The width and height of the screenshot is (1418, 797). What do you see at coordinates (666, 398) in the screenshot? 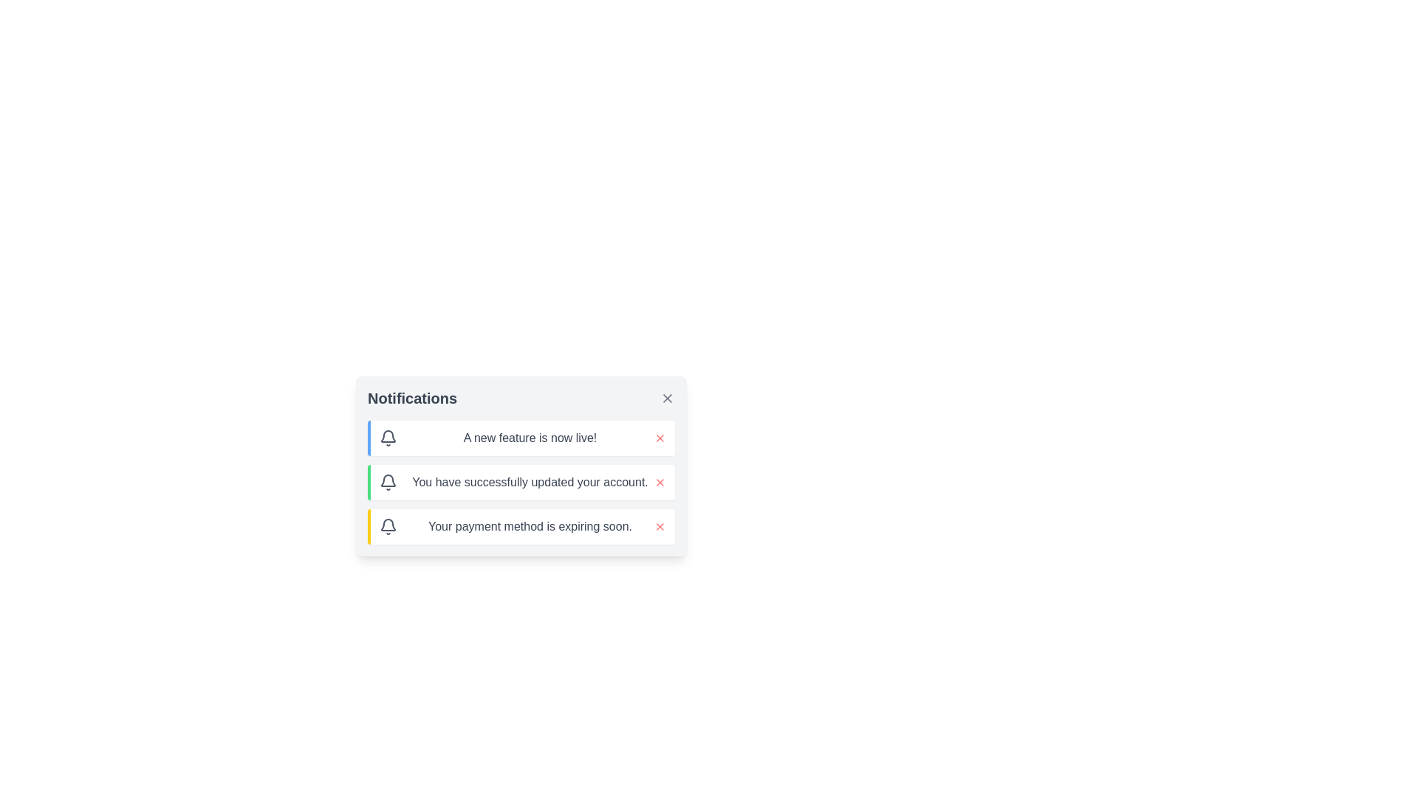
I see `the small X-shaped icon, styled with a thin stroke, located on the far right of the top notification box in the list` at bounding box center [666, 398].